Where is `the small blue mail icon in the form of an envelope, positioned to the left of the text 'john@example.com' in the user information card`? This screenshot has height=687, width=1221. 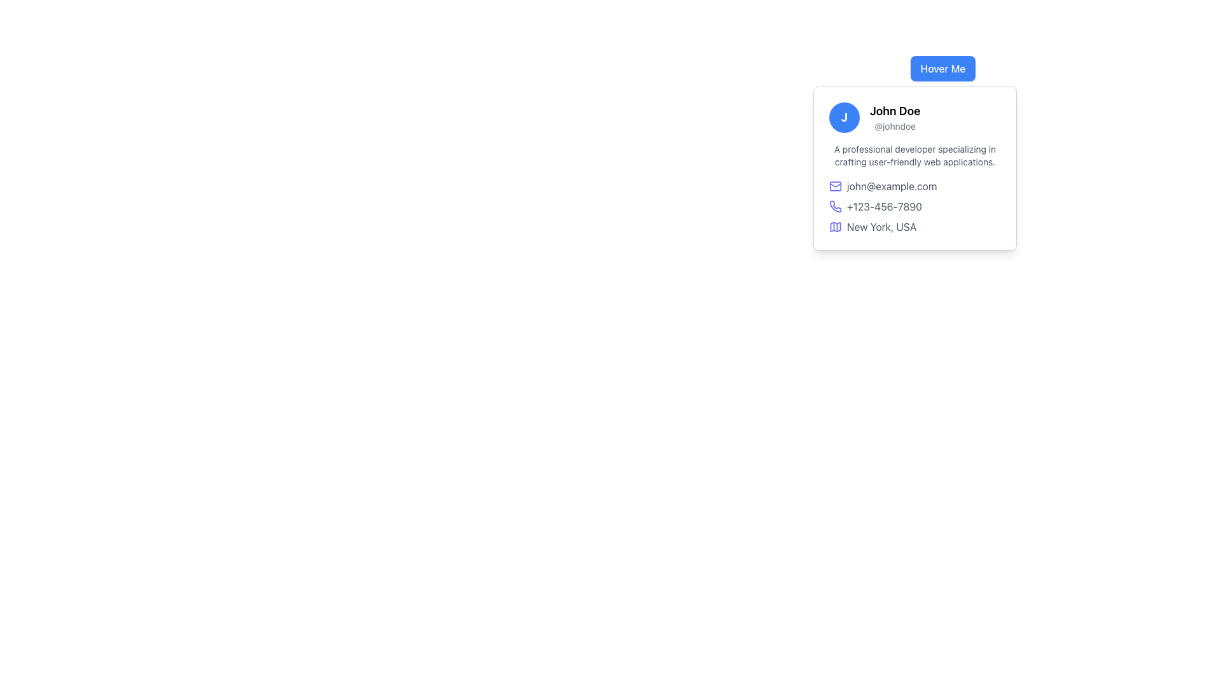
the small blue mail icon in the form of an envelope, positioned to the left of the text 'john@example.com' in the user information card is located at coordinates (836, 186).